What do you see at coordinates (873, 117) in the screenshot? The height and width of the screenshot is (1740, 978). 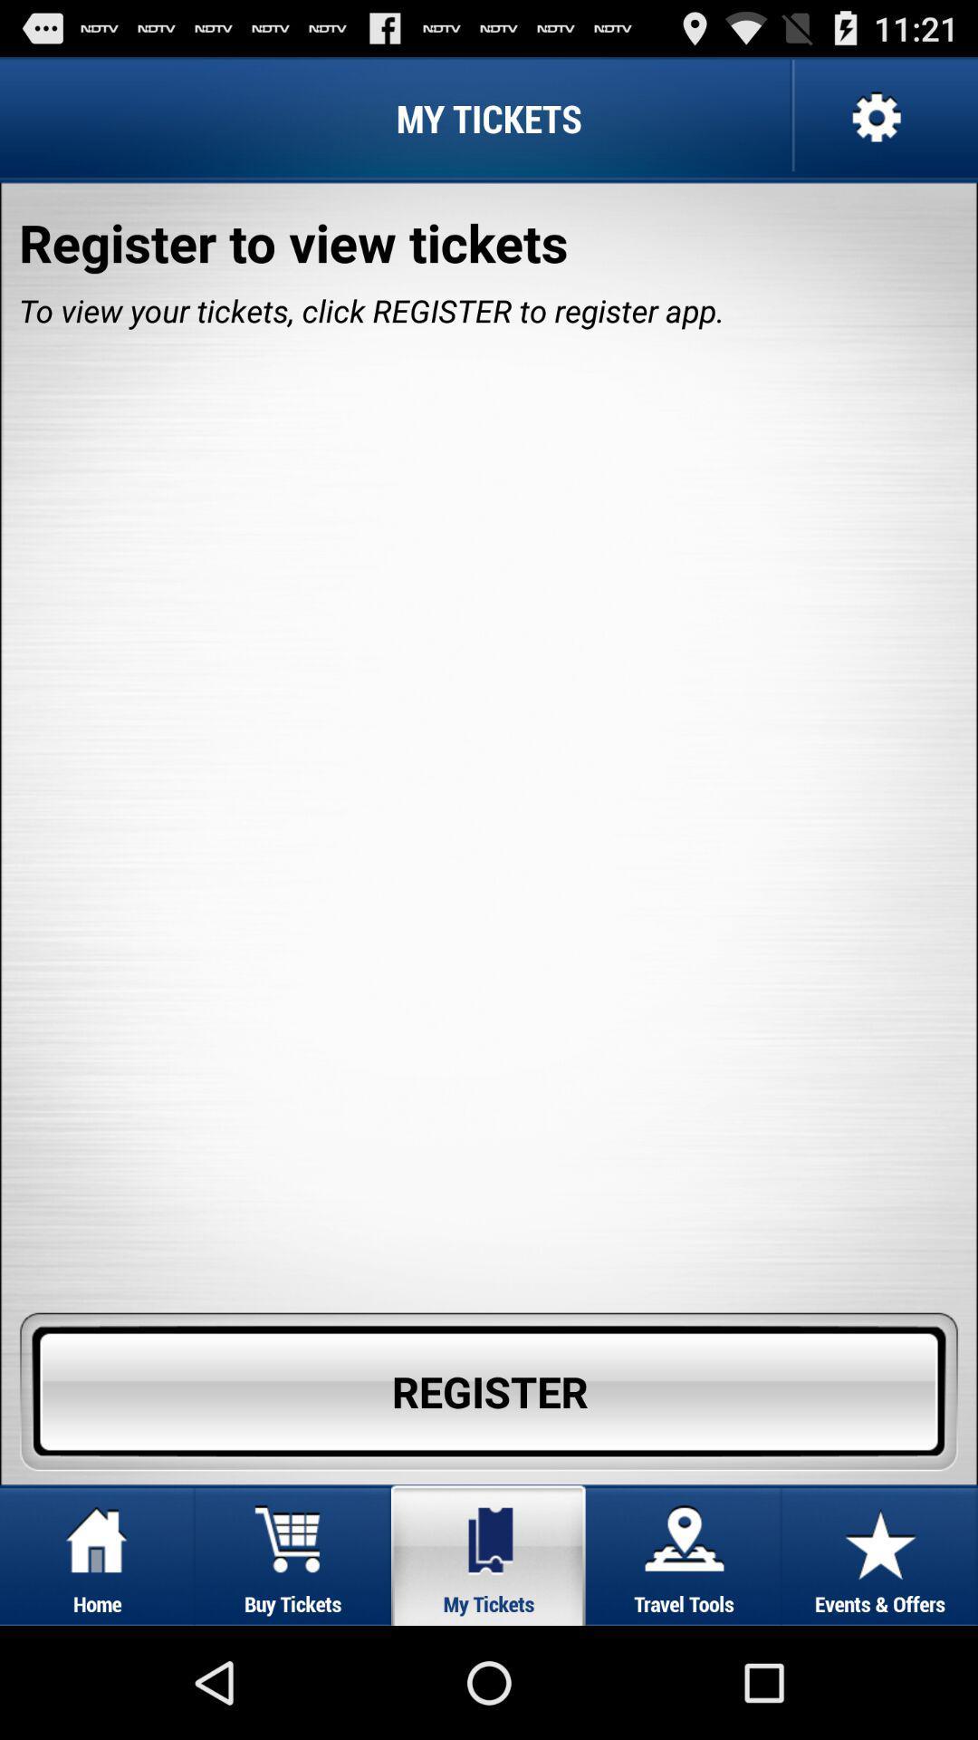 I see `icon at the top right corner` at bounding box center [873, 117].